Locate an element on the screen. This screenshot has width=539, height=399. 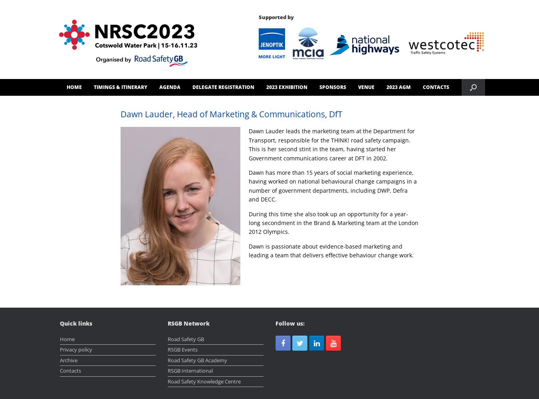
'DELEGATE REGISTRATION' is located at coordinates (222, 87).